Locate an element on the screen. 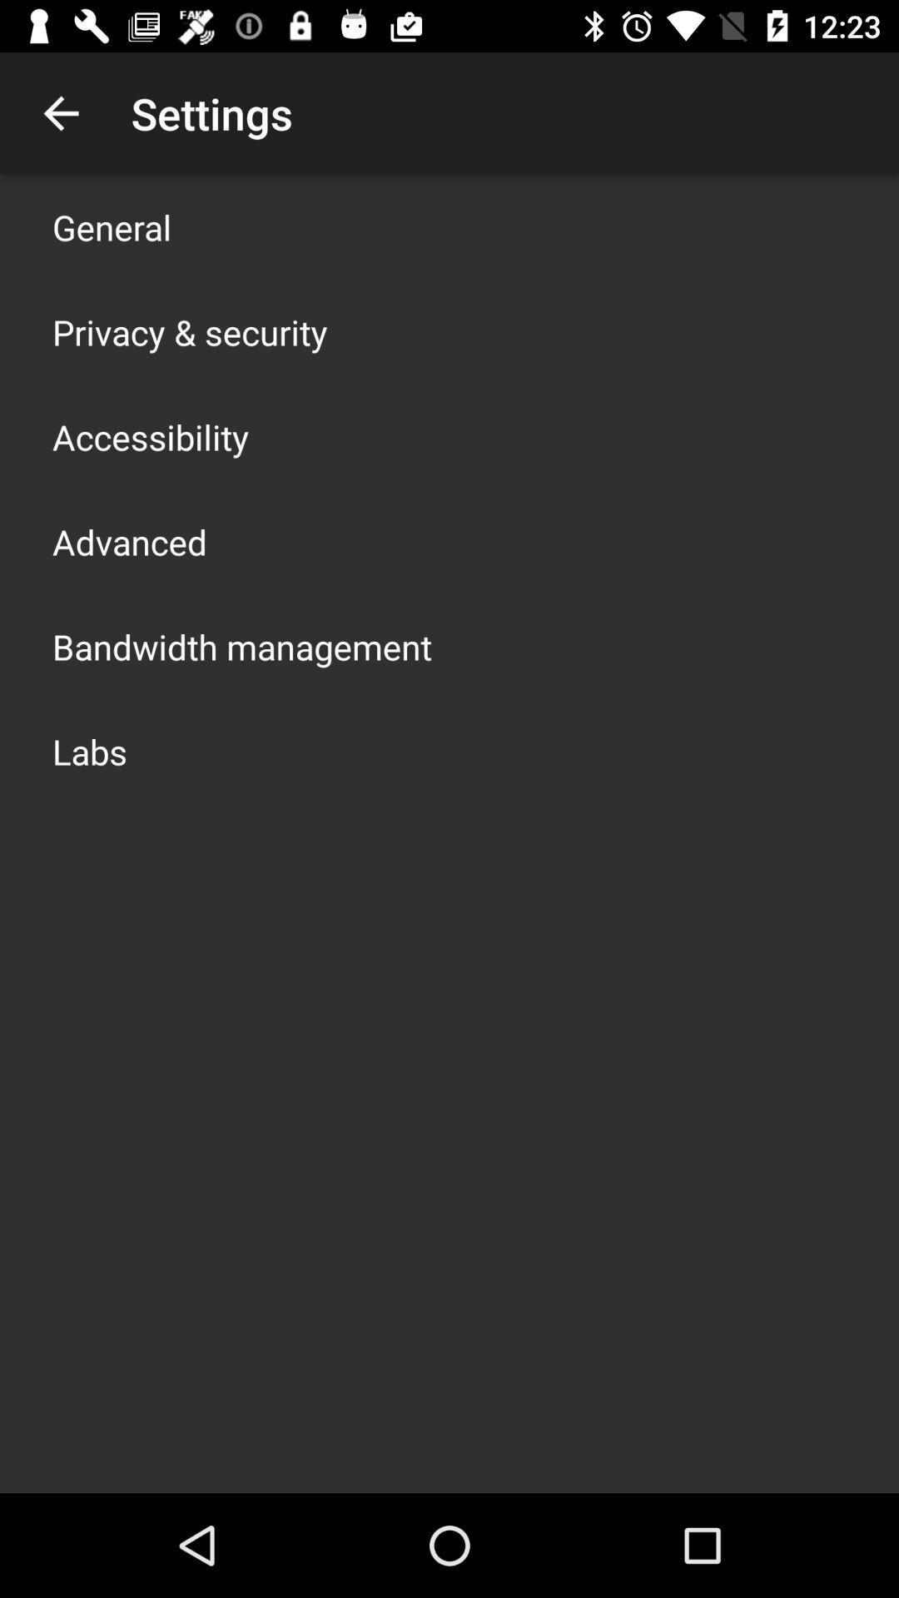 The width and height of the screenshot is (899, 1598). privacy & security item is located at coordinates (189, 331).